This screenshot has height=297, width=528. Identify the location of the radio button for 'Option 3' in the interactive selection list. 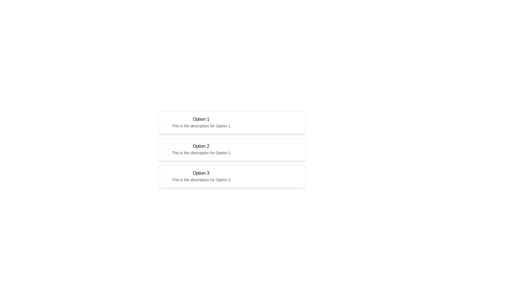
(197, 176).